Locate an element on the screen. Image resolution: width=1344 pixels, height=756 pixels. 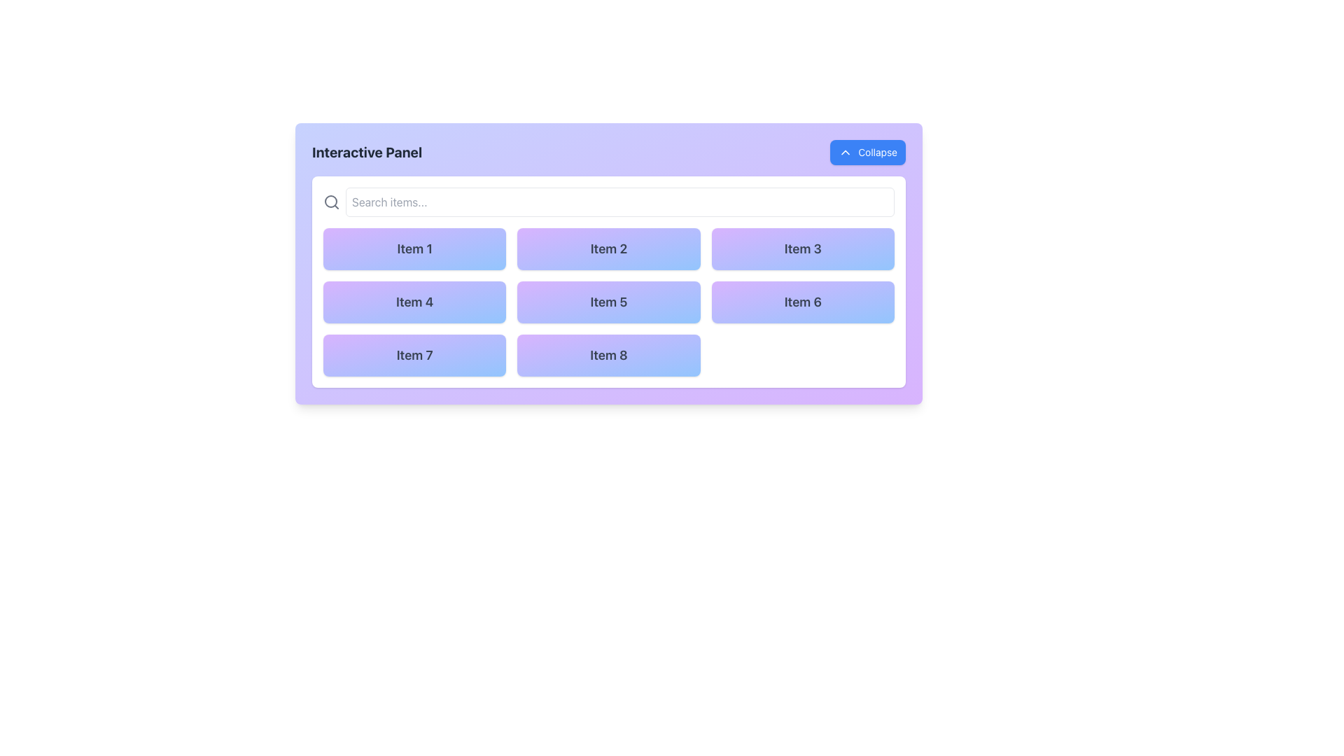
text from the bold label displaying 'Item 8' within the eighth button of the grid layout is located at coordinates (608, 354).